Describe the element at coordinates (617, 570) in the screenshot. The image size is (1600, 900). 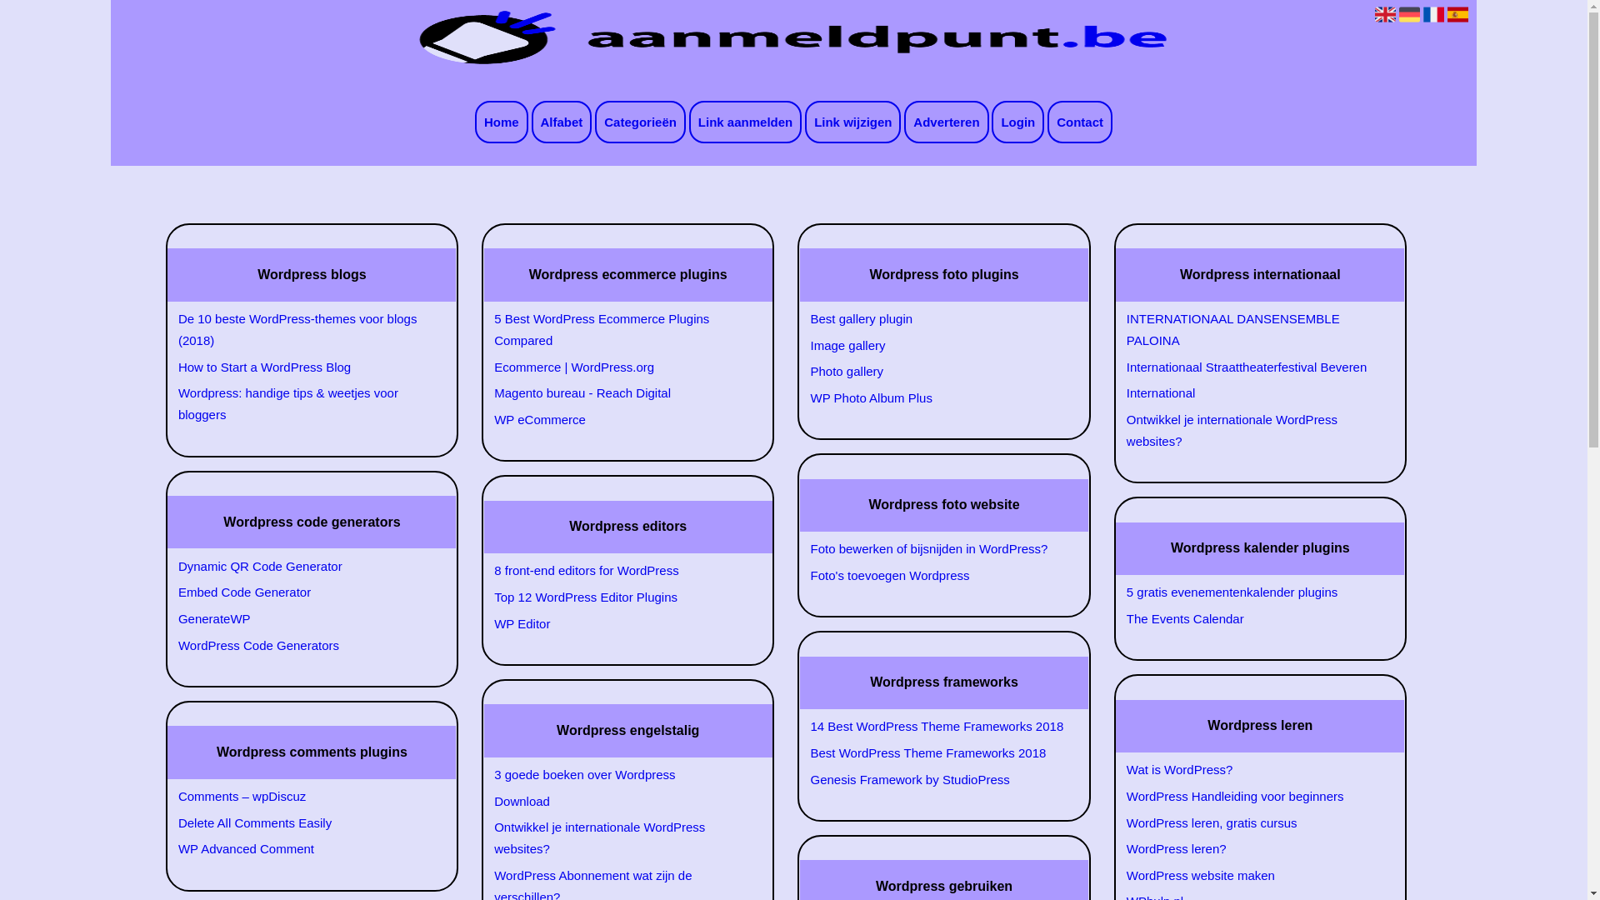
I see `'8 front-end editors for WordPress'` at that location.